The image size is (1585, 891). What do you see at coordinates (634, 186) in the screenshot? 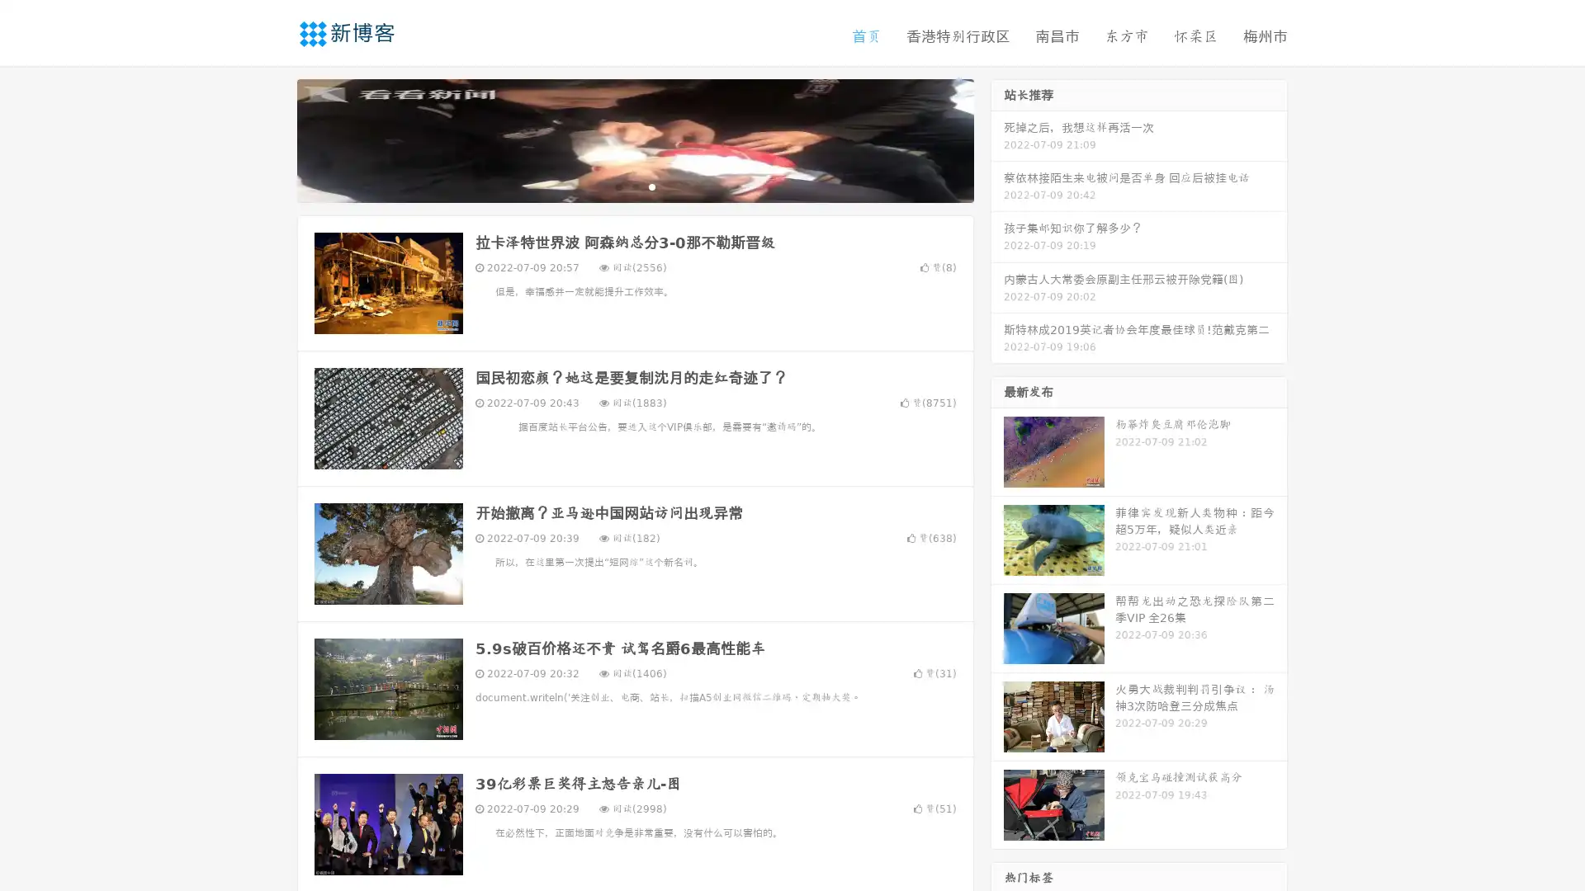
I see `Go to slide 2` at bounding box center [634, 186].